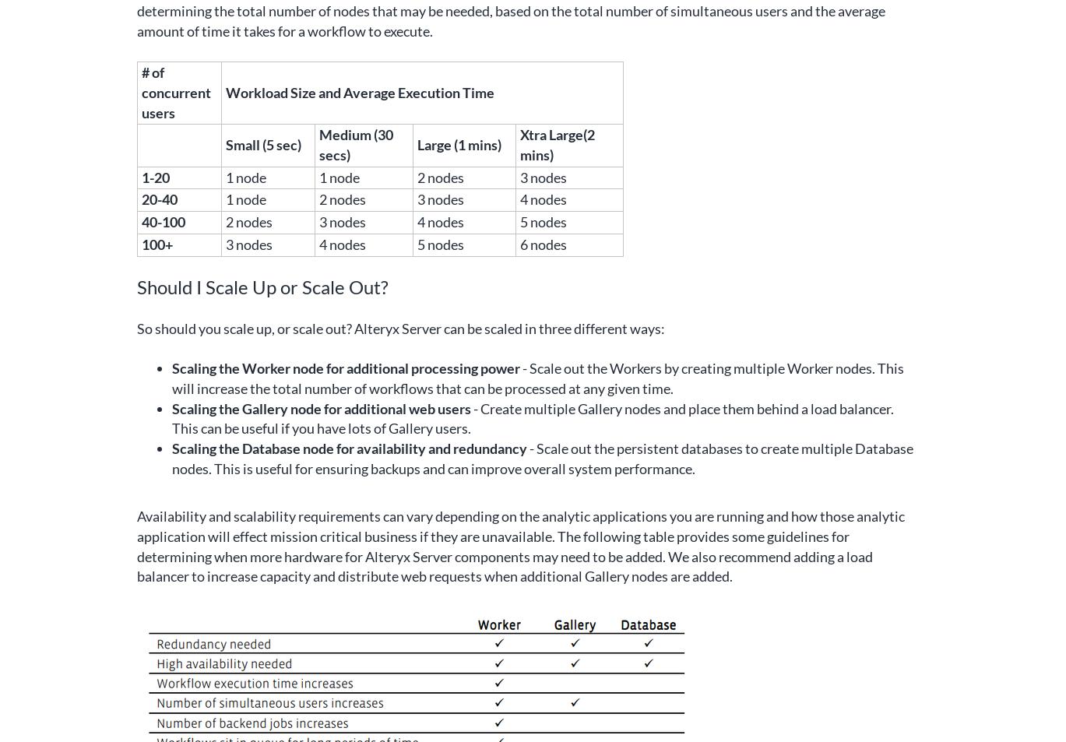  What do you see at coordinates (536, 378) in the screenshot?
I see `'- Scale out the Workers by creating multiple Worker nodes. This will increase the total number of workflows that can be processed at any given time.'` at bounding box center [536, 378].